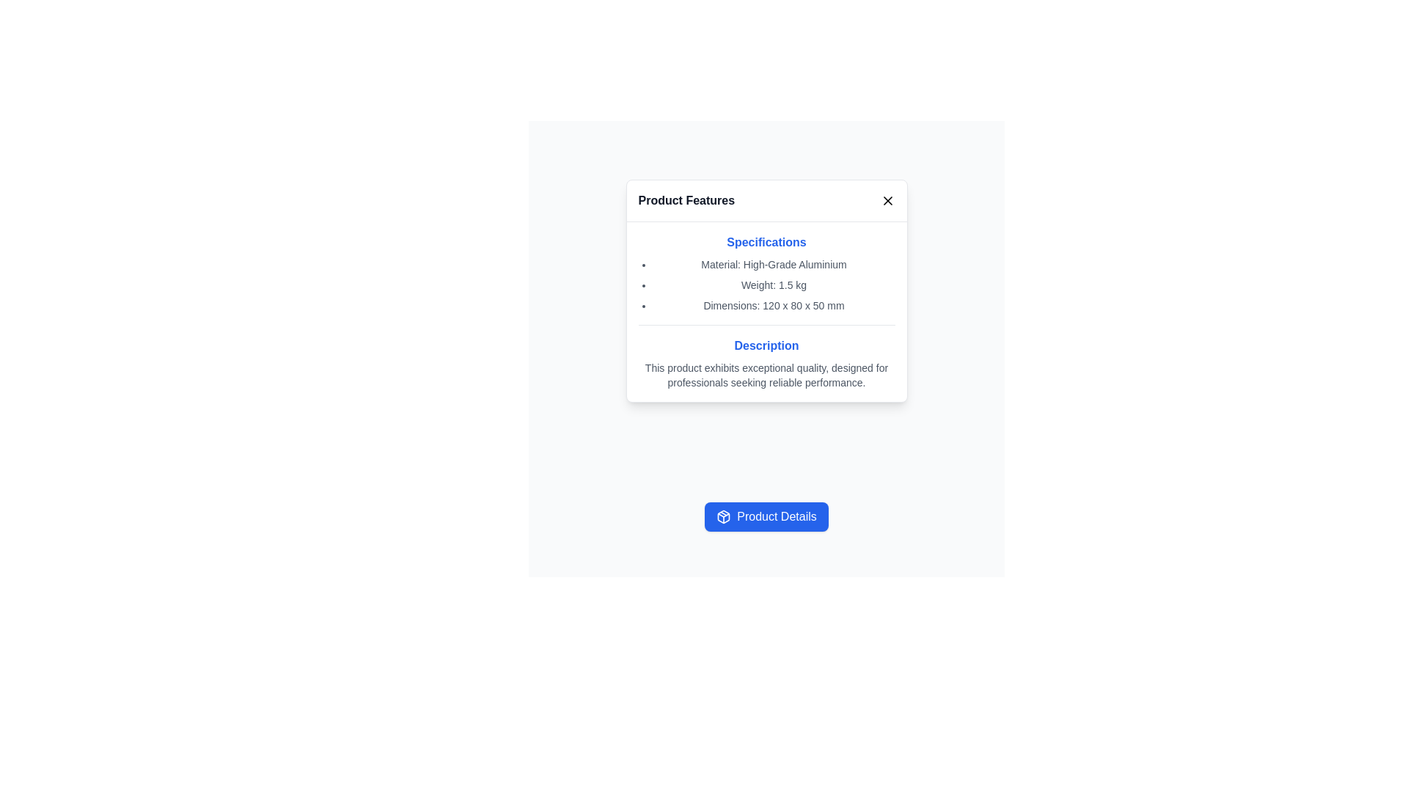 Image resolution: width=1408 pixels, height=792 pixels. What do you see at coordinates (887, 200) in the screenshot?
I see `the close button located on the rightmost side of the modal header` at bounding box center [887, 200].